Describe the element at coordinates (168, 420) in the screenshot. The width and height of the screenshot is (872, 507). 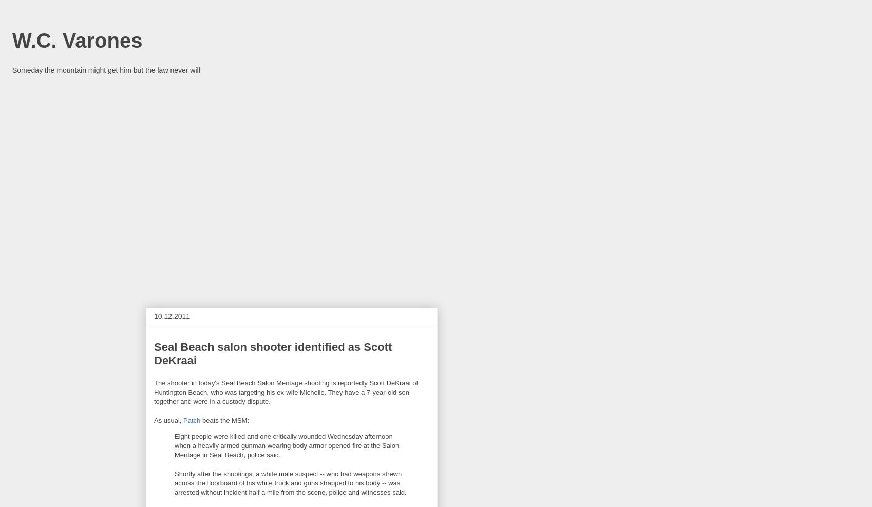
I see `'As usual,'` at that location.